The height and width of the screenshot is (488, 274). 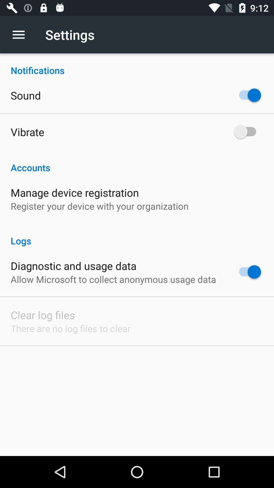 I want to click on the icon above the diagnostic and usage icon, so click(x=137, y=235).